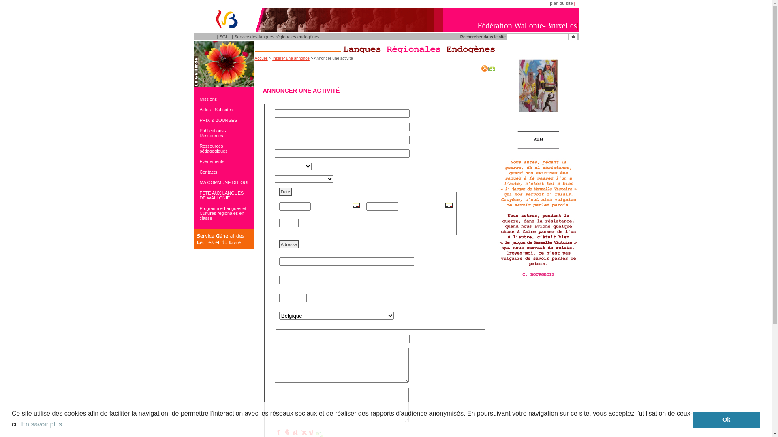 Image resolution: width=778 pixels, height=437 pixels. What do you see at coordinates (726, 419) in the screenshot?
I see `'Ok'` at bounding box center [726, 419].